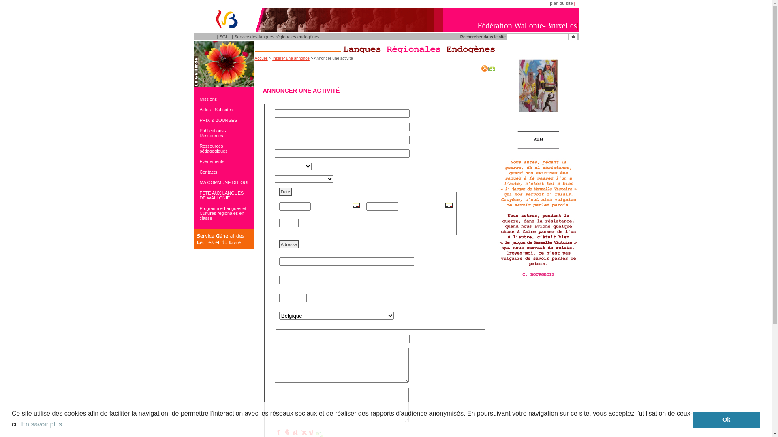 Image resolution: width=778 pixels, height=437 pixels. What do you see at coordinates (726, 419) in the screenshot?
I see `'Ok'` at bounding box center [726, 419].